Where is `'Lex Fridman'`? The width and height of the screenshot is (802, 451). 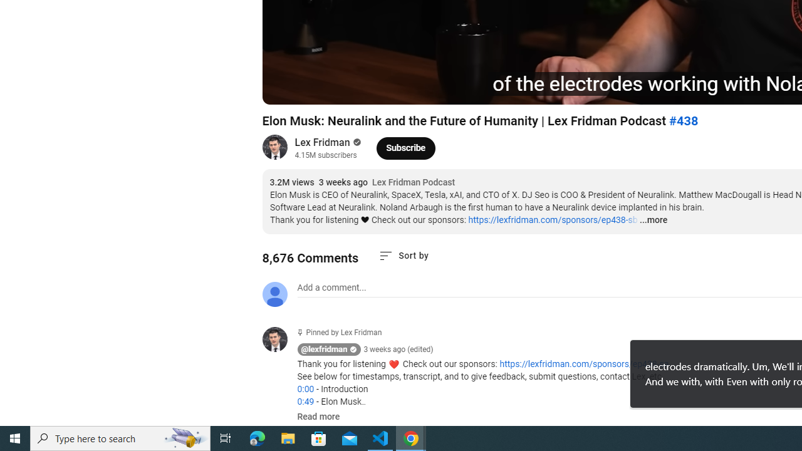
'Lex Fridman' is located at coordinates (323, 142).